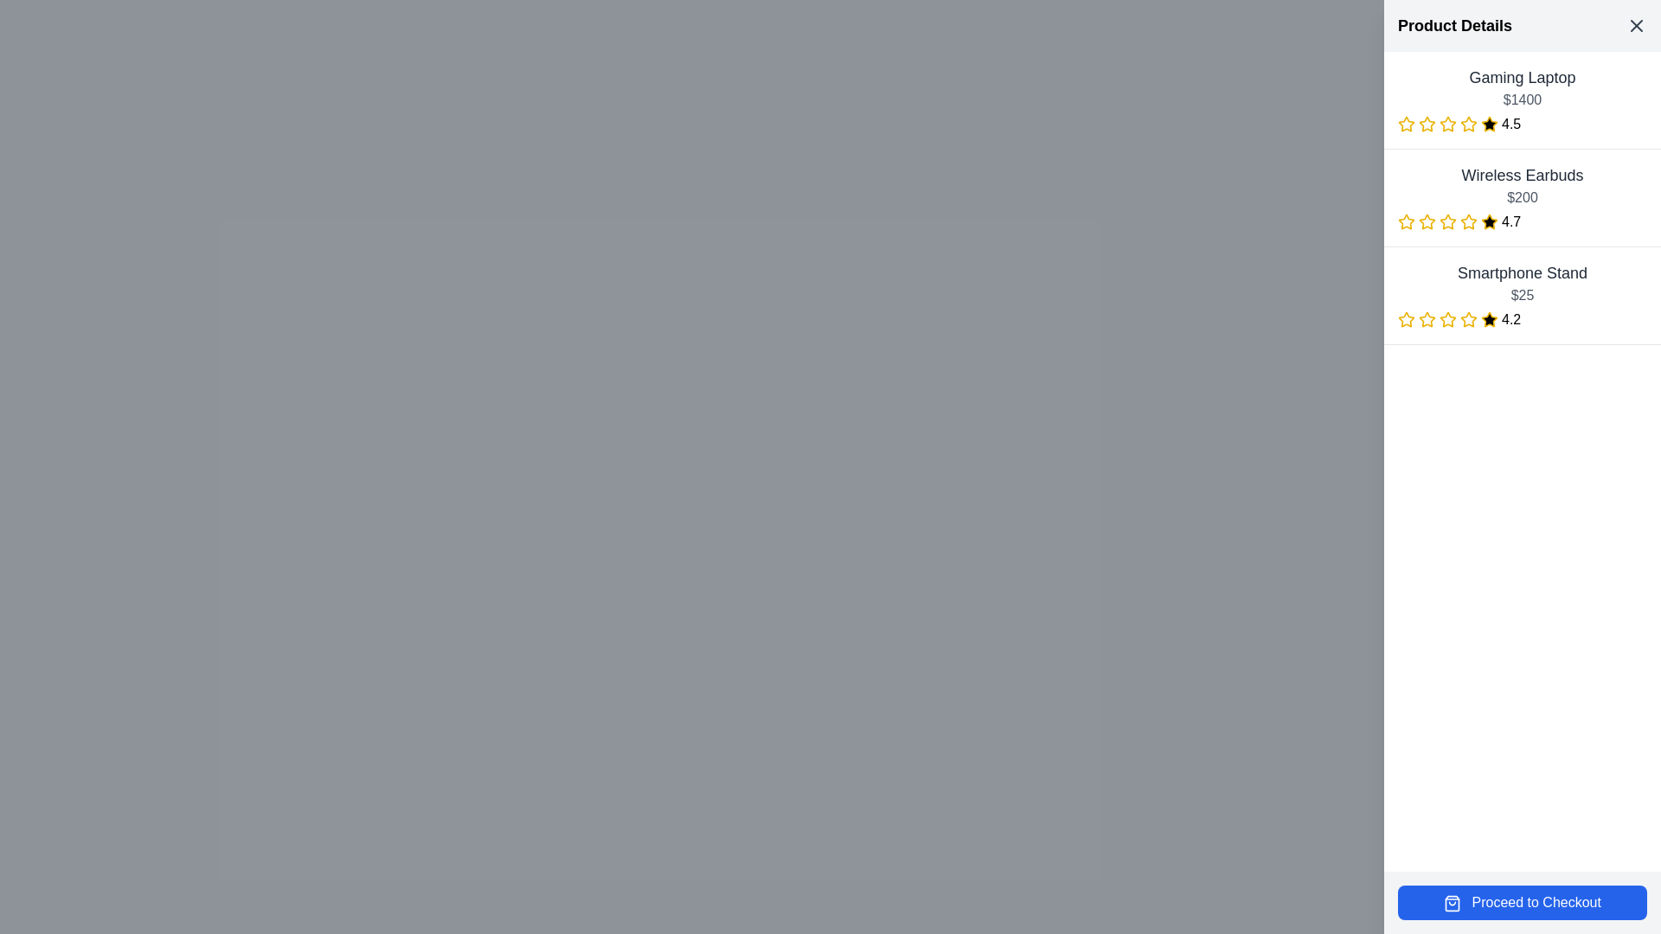  What do you see at coordinates (1447, 122) in the screenshot?
I see `the second star in the row of five stars in the 'Gaming Laptop' product section to set a rating` at bounding box center [1447, 122].